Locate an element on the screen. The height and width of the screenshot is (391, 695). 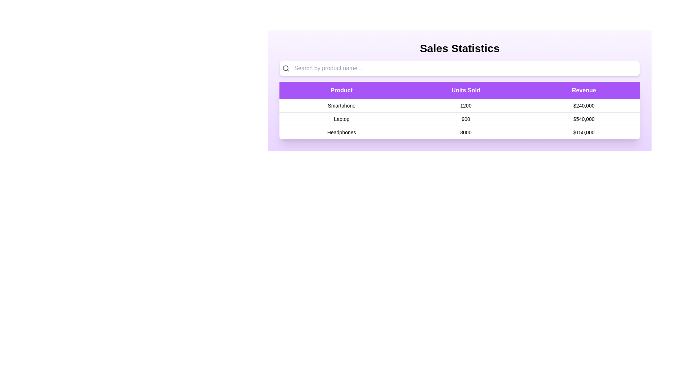
the header Product to examine its content is located at coordinates (341, 90).